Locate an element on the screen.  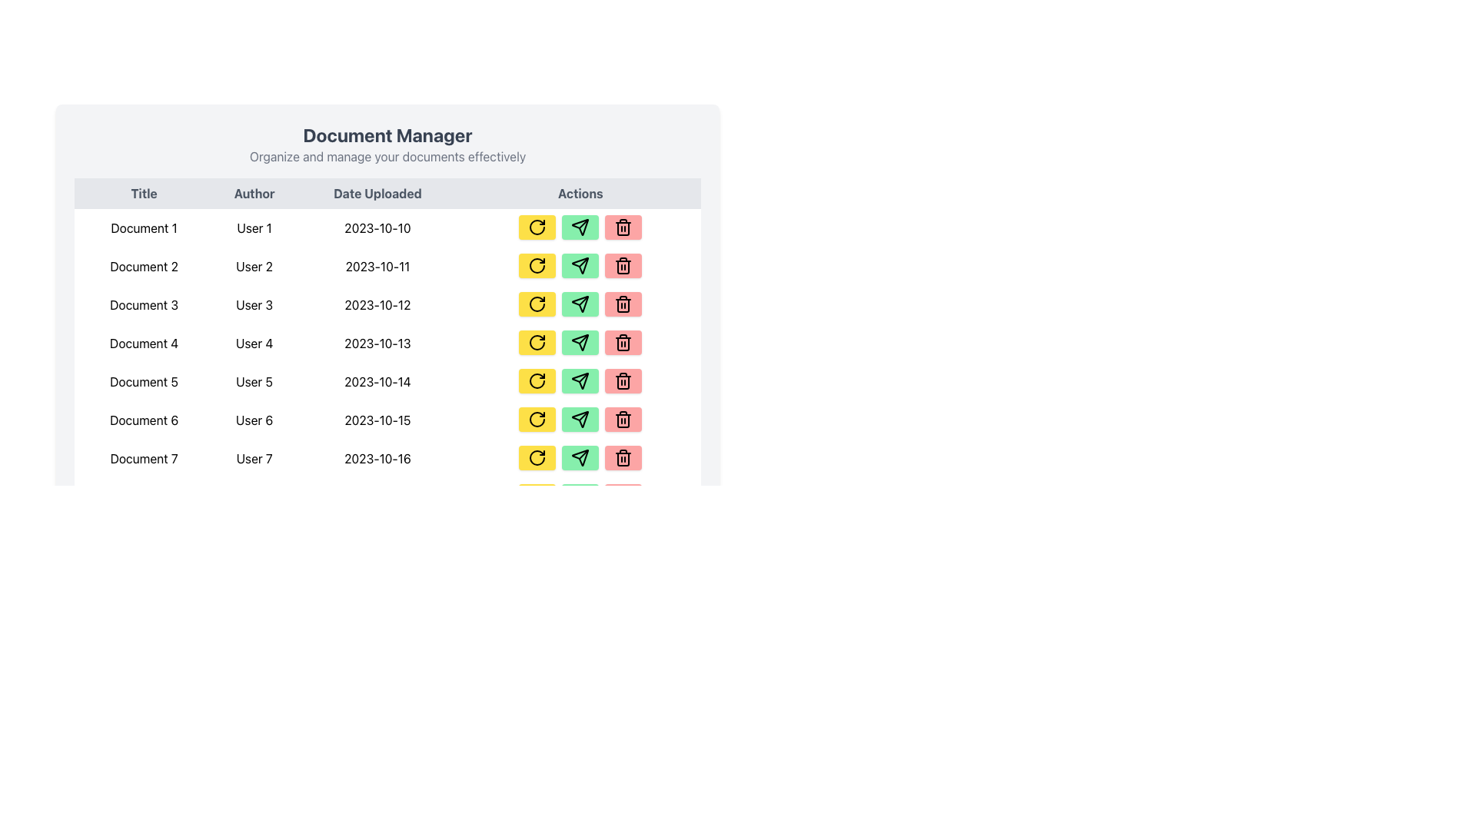
the green button with a paper plane icon located is located at coordinates (580, 304).